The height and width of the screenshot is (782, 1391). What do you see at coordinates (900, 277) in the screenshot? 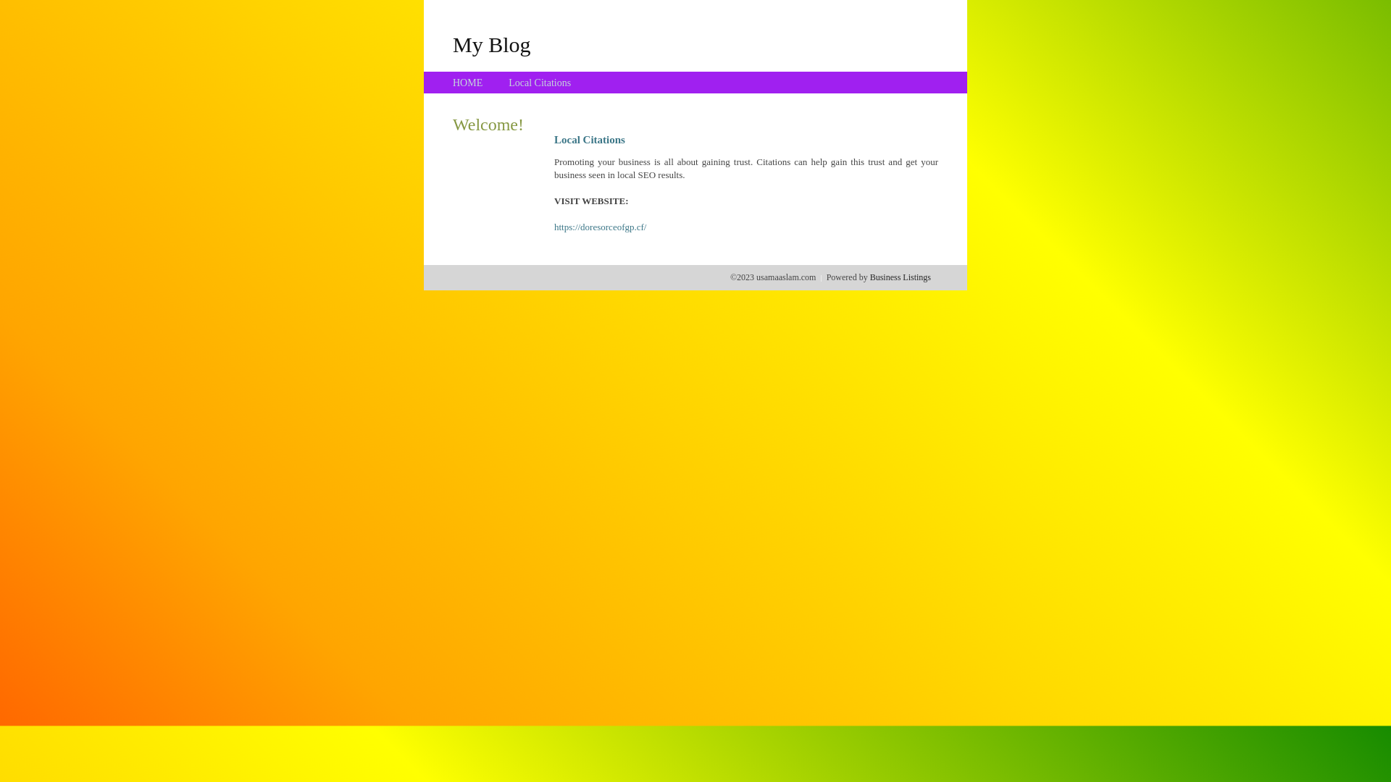
I see `'Business Listings'` at bounding box center [900, 277].